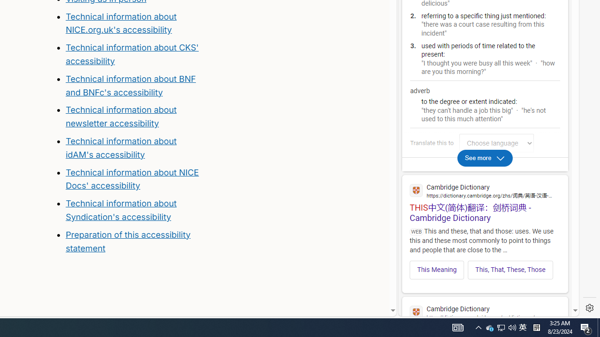 Image resolution: width=600 pixels, height=337 pixels. What do you see at coordinates (496, 143) in the screenshot?
I see `'Translate this to Choose language'` at bounding box center [496, 143].